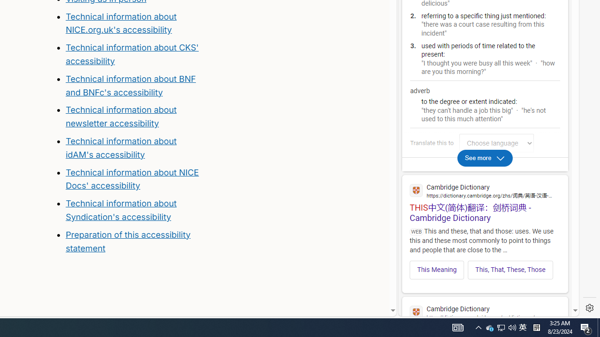 Image resolution: width=600 pixels, height=337 pixels. What do you see at coordinates (496, 143) in the screenshot?
I see `'Translate this to Choose language'` at bounding box center [496, 143].